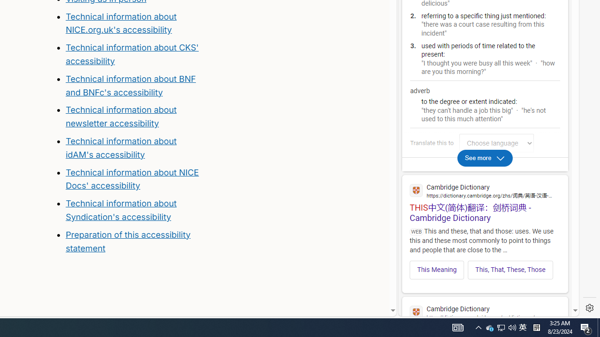 Image resolution: width=600 pixels, height=337 pixels. What do you see at coordinates (496, 143) in the screenshot?
I see `'Translate this to Choose language'` at bounding box center [496, 143].